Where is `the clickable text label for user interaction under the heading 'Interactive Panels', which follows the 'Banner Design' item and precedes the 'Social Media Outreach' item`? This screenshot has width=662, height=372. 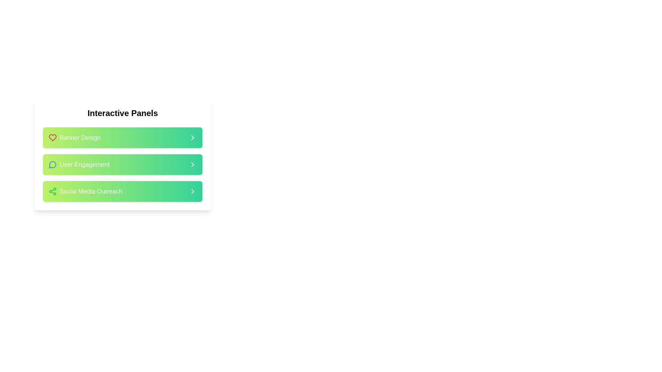 the clickable text label for user interaction under the heading 'Interactive Panels', which follows the 'Banner Design' item and precedes the 'Social Media Outreach' item is located at coordinates (84, 165).